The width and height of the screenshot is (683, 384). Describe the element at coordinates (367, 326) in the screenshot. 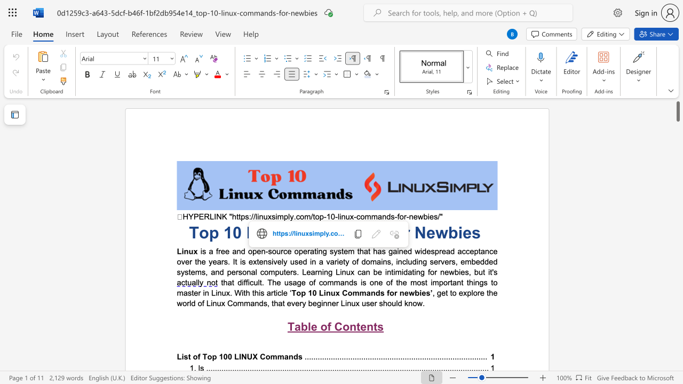

I see `the space between the continuous character "e" and "n" in the text` at that location.